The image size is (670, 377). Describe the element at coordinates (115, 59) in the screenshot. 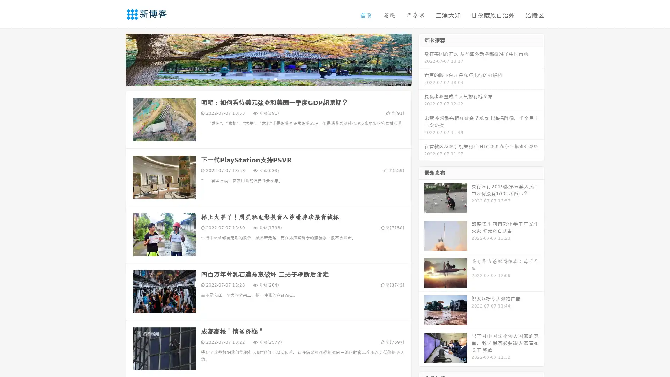

I see `Previous slide` at that location.